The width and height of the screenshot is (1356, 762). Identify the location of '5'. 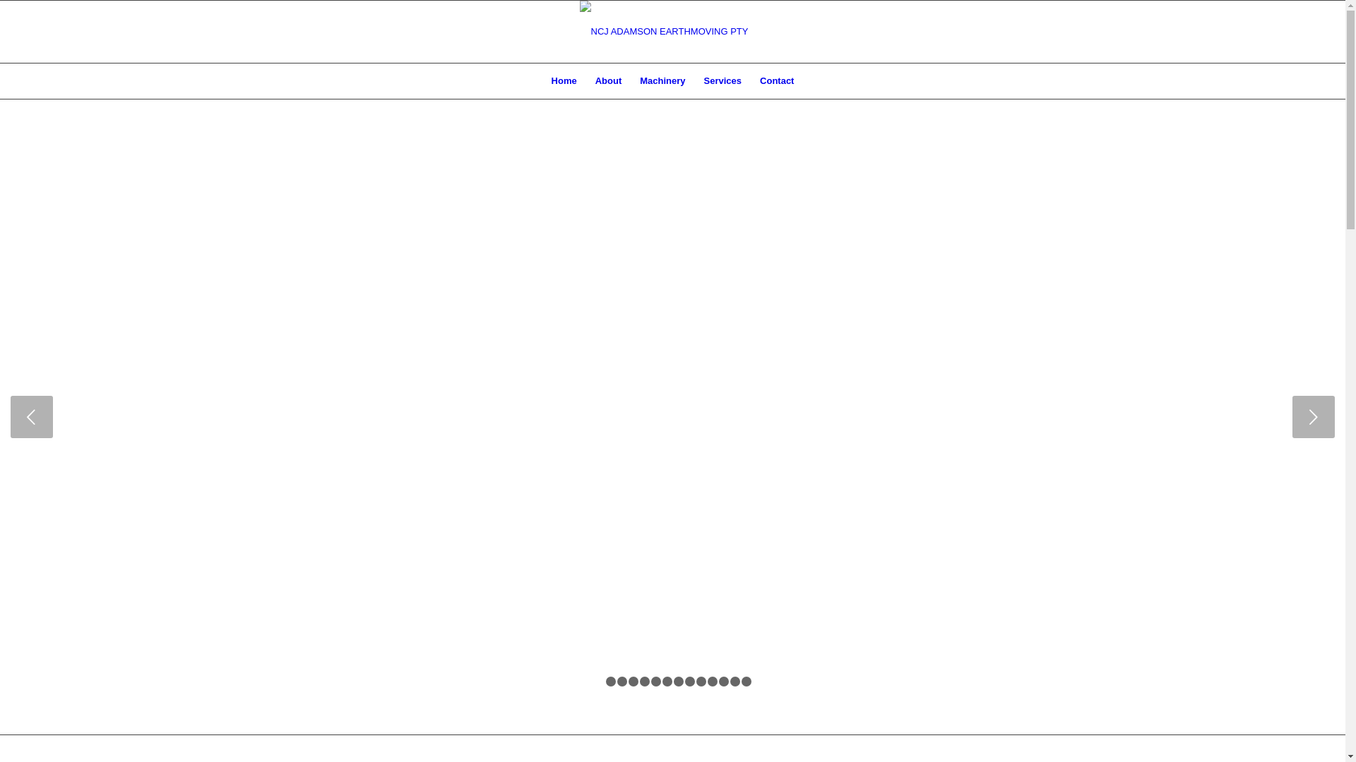
(643, 680).